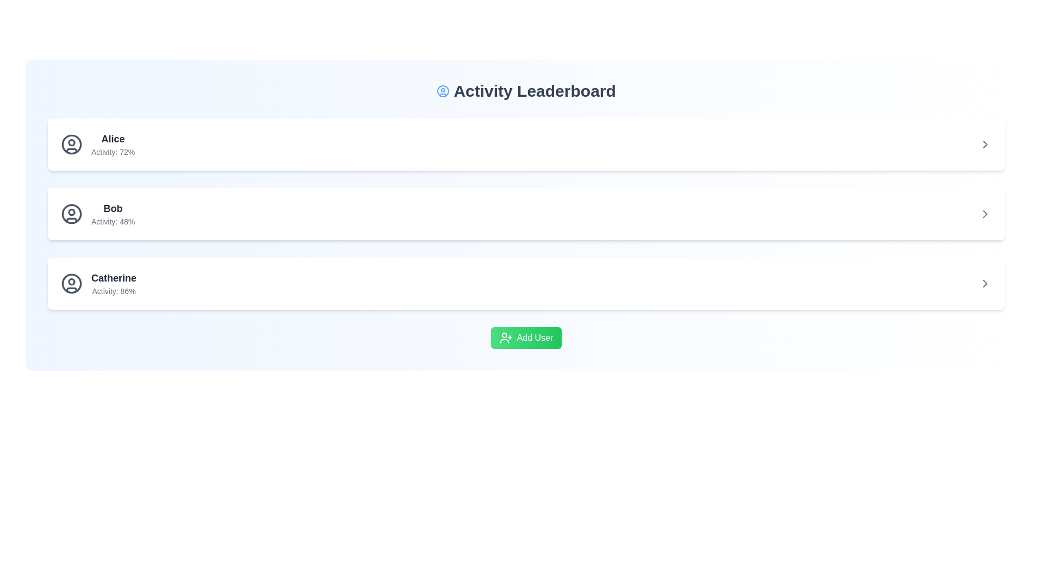 This screenshot has height=587, width=1044. Describe the element at coordinates (71, 211) in the screenshot. I see `the appearance of the circular graphical element representing the user icon for 'Bob', located within the second item of a vertical list of users` at that location.